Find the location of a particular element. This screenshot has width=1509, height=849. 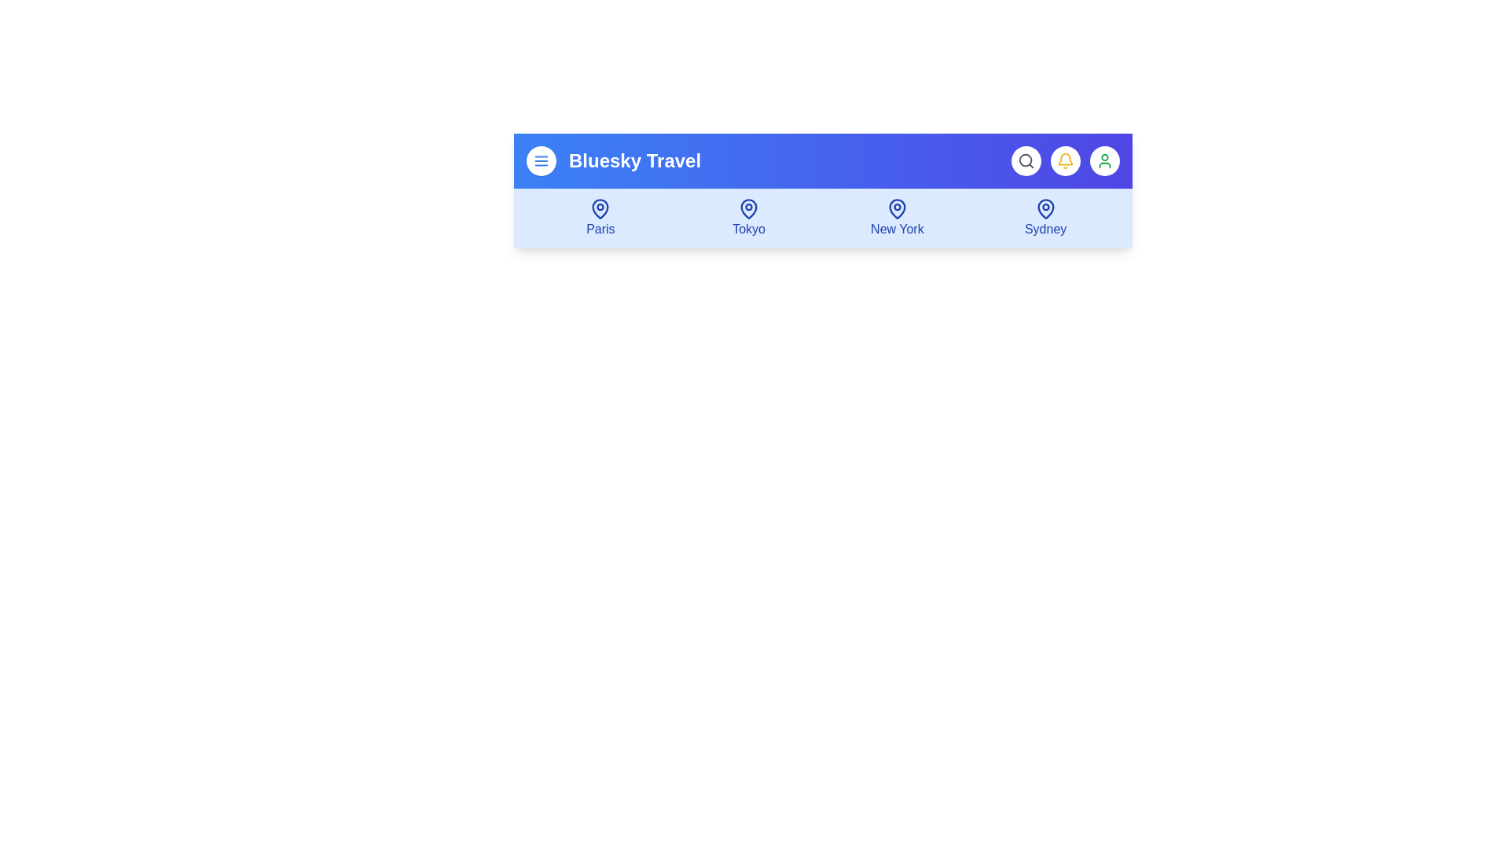

the 'User Profile' button is located at coordinates (1104, 160).